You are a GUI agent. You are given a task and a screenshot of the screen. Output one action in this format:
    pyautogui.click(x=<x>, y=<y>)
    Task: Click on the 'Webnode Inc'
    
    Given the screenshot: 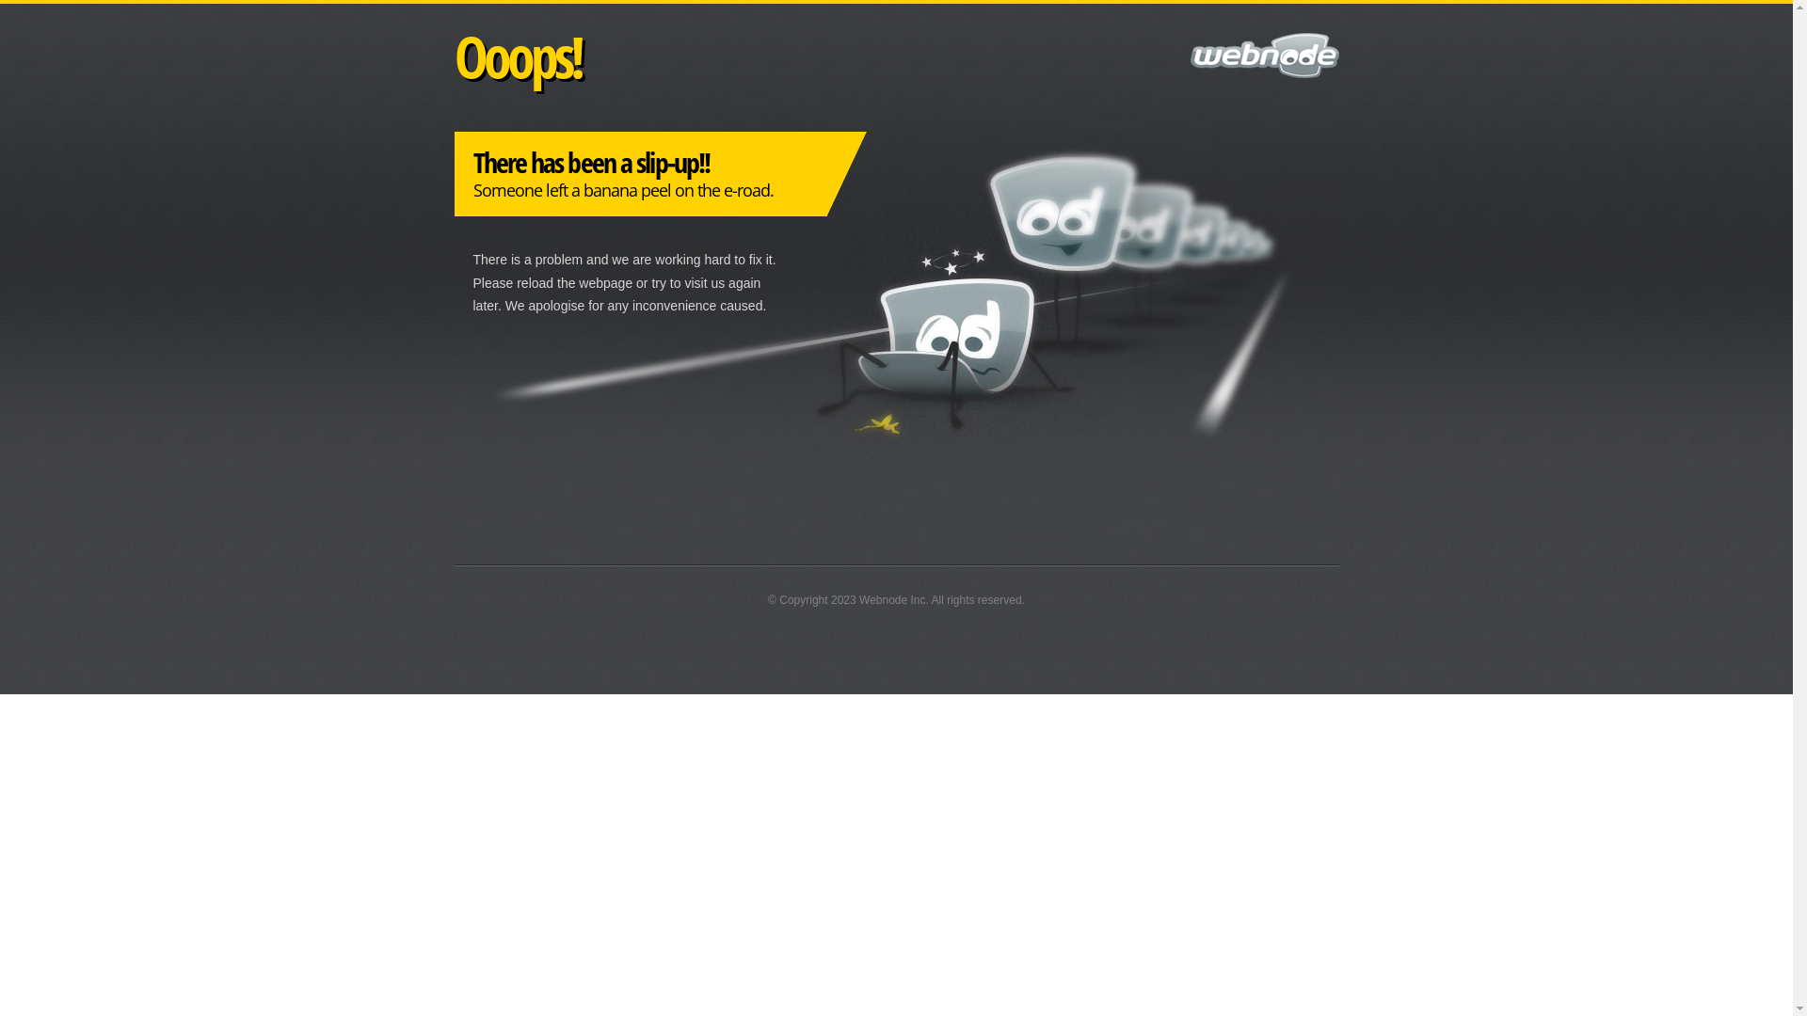 What is the action you would take?
    pyautogui.click(x=857, y=599)
    